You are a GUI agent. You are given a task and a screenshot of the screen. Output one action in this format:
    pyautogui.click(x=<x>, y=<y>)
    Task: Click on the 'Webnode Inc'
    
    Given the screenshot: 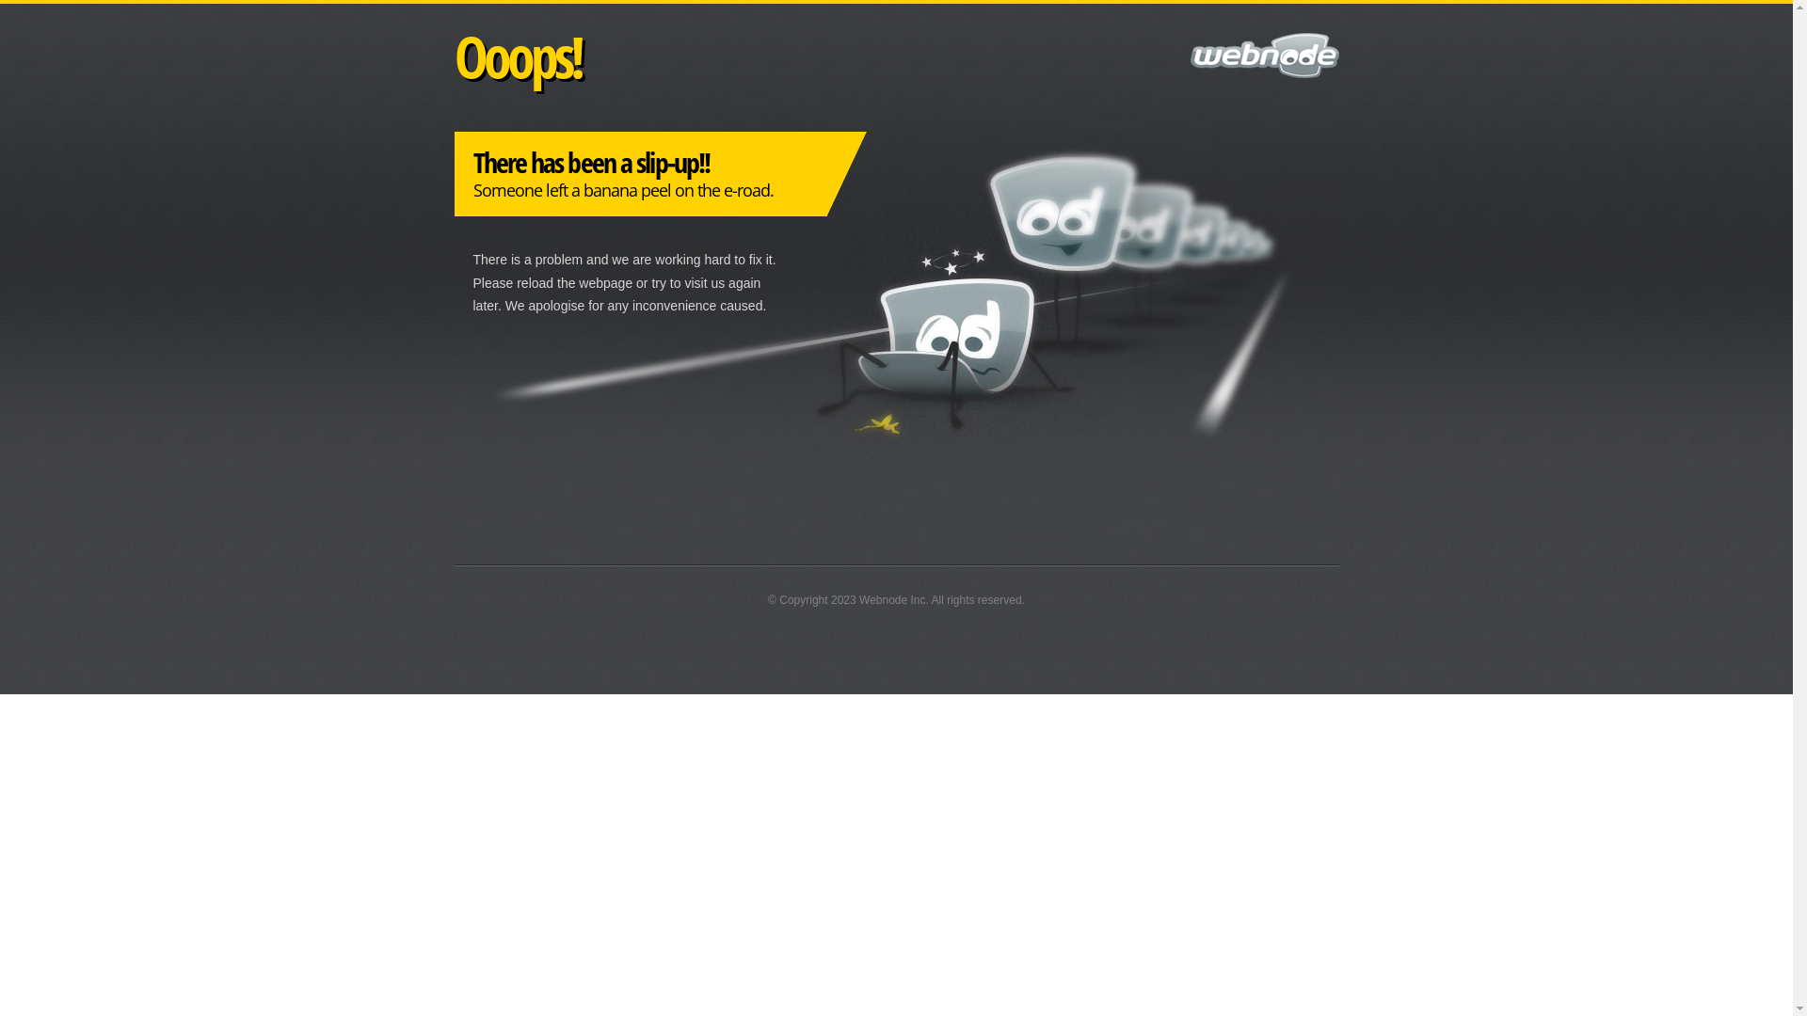 What is the action you would take?
    pyautogui.click(x=857, y=599)
    